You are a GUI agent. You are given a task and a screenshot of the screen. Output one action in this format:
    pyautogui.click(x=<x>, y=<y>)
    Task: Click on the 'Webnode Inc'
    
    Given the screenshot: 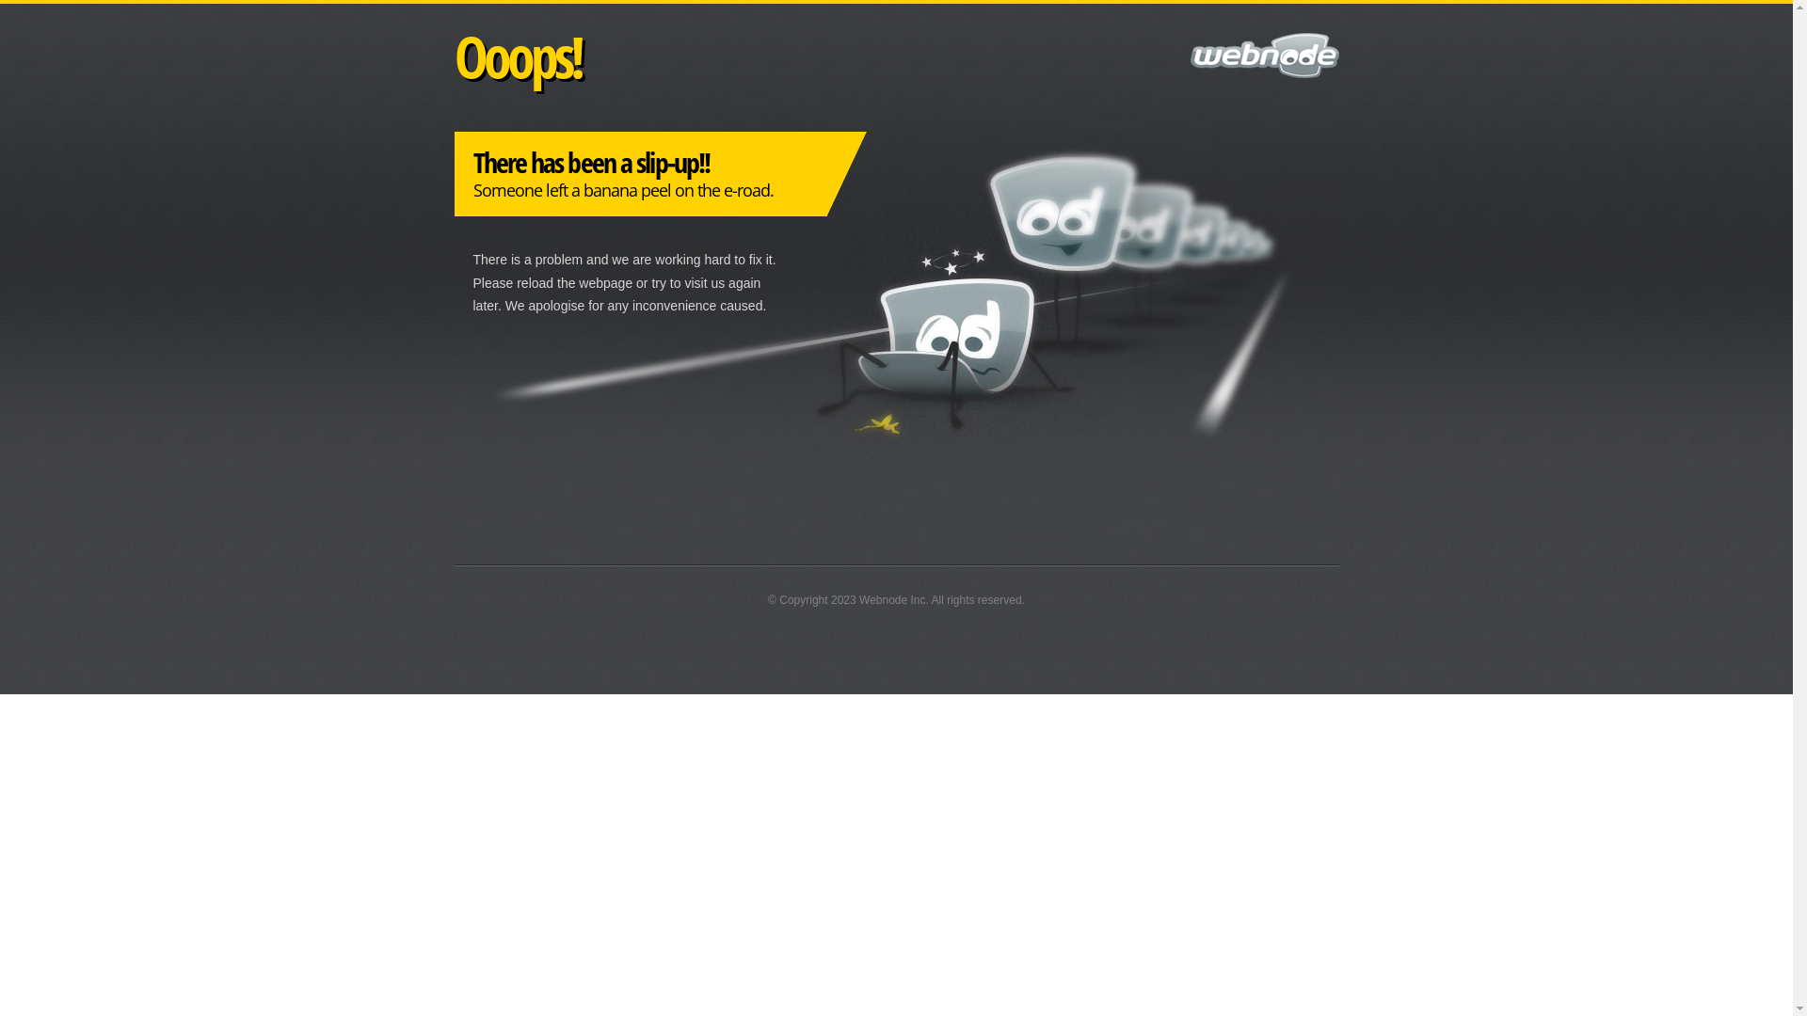 What is the action you would take?
    pyautogui.click(x=857, y=599)
    